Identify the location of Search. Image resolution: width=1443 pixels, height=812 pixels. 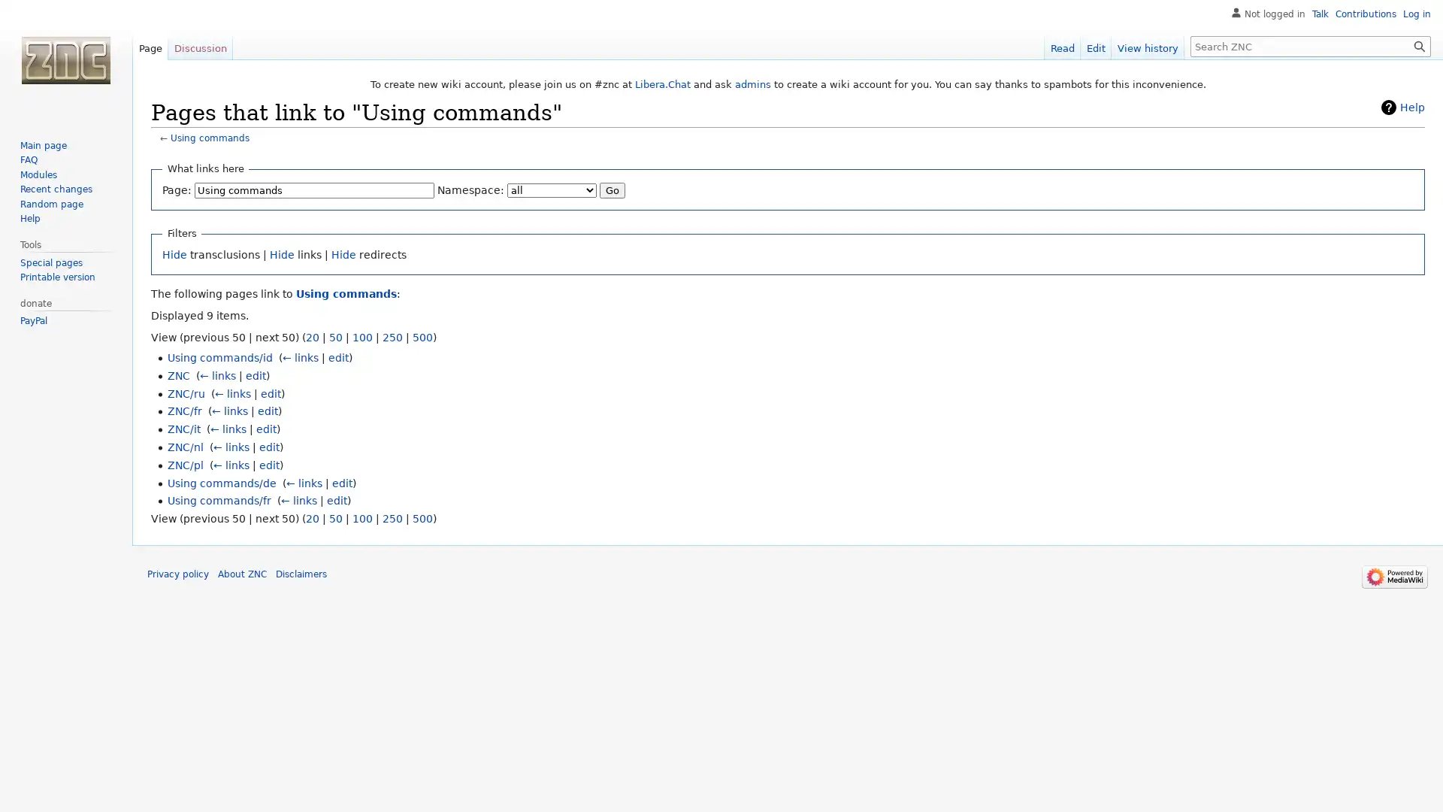
(1419, 45).